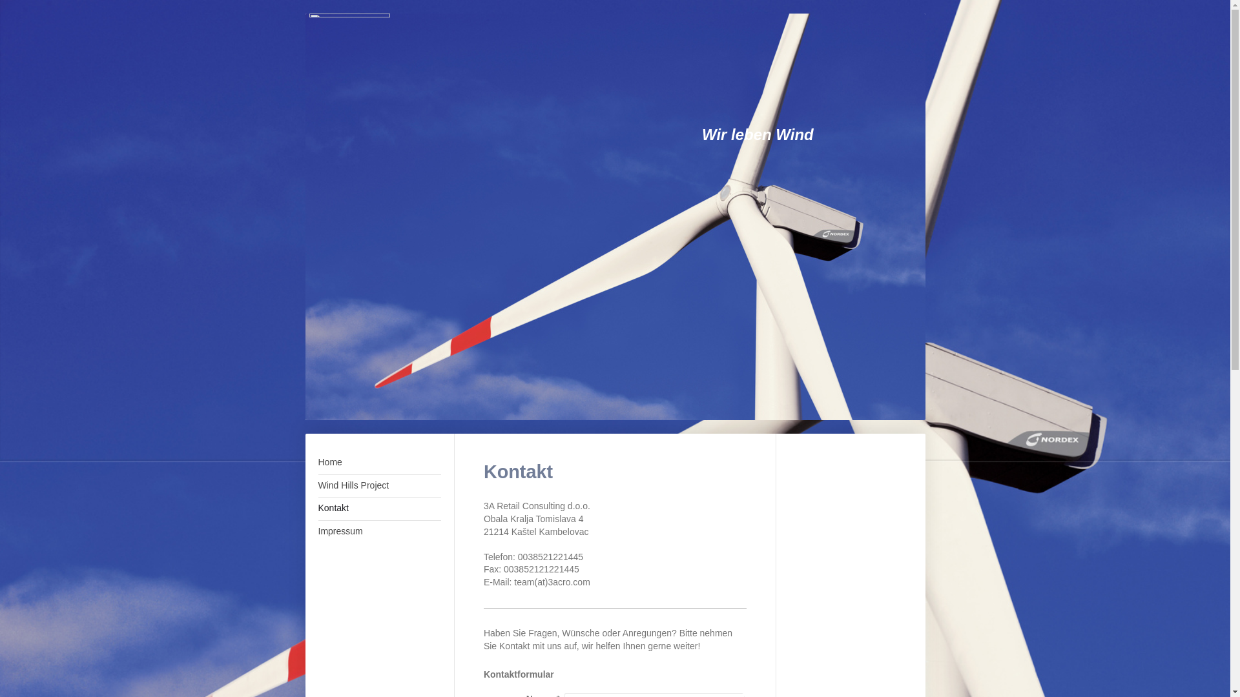  Describe the element at coordinates (378, 508) in the screenshot. I see `'Kontakt'` at that location.